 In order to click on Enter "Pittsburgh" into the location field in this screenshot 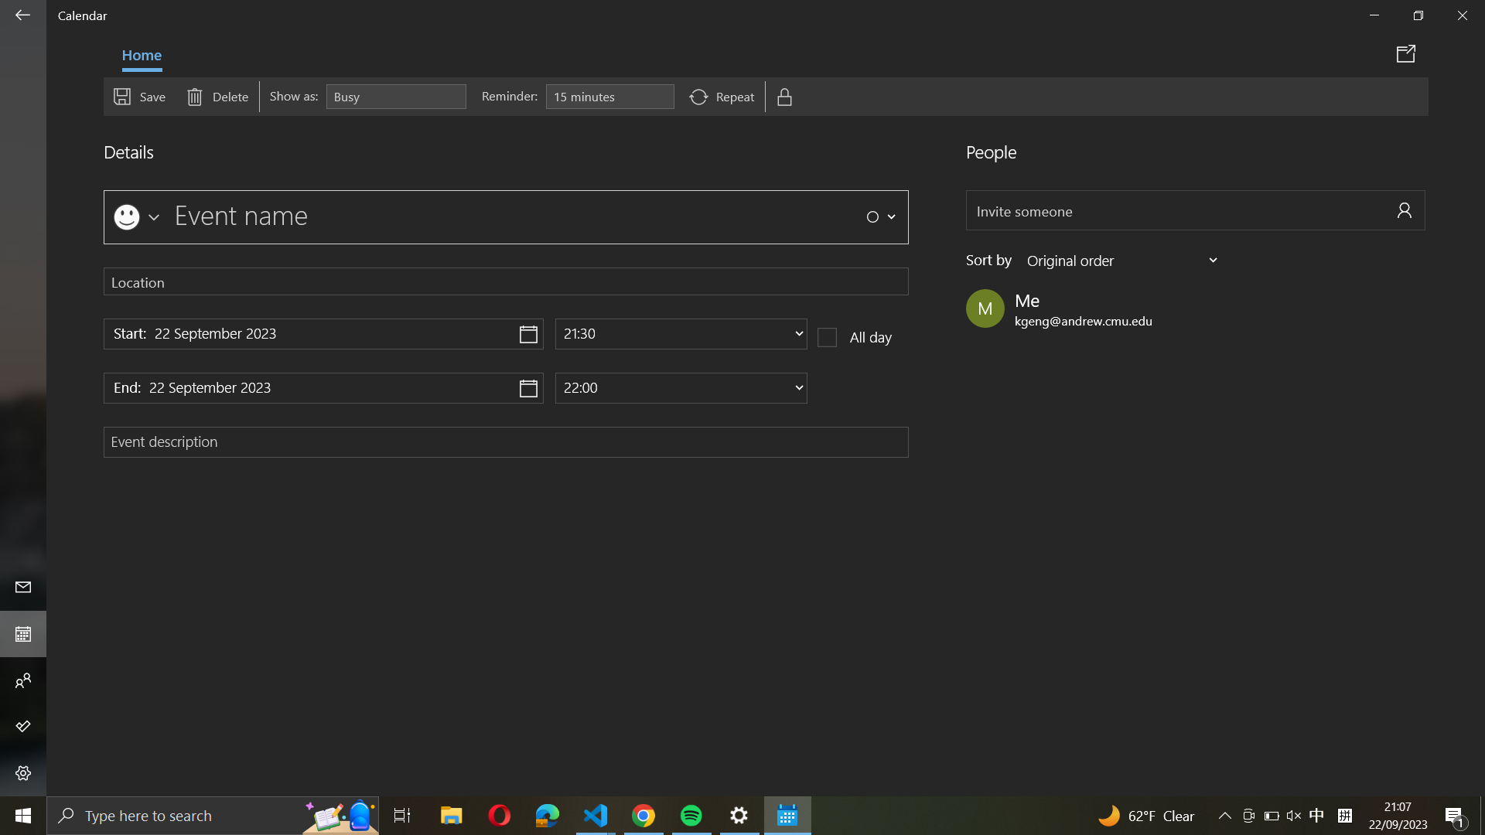, I will do `click(506, 281)`.